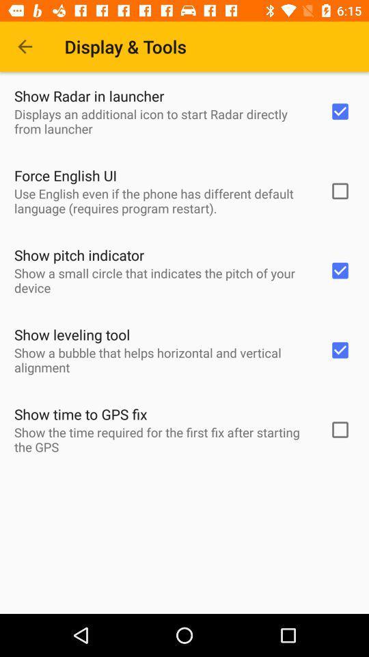 The image size is (369, 657). What do you see at coordinates (163, 120) in the screenshot?
I see `displays an additional item` at bounding box center [163, 120].